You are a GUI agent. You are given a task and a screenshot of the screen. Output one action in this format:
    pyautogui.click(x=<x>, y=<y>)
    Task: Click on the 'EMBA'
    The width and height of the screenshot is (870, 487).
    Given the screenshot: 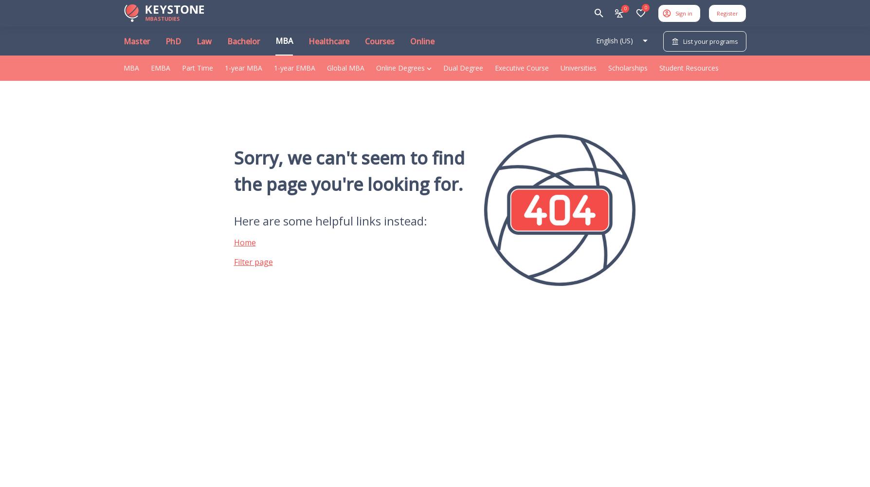 What is the action you would take?
    pyautogui.click(x=150, y=68)
    